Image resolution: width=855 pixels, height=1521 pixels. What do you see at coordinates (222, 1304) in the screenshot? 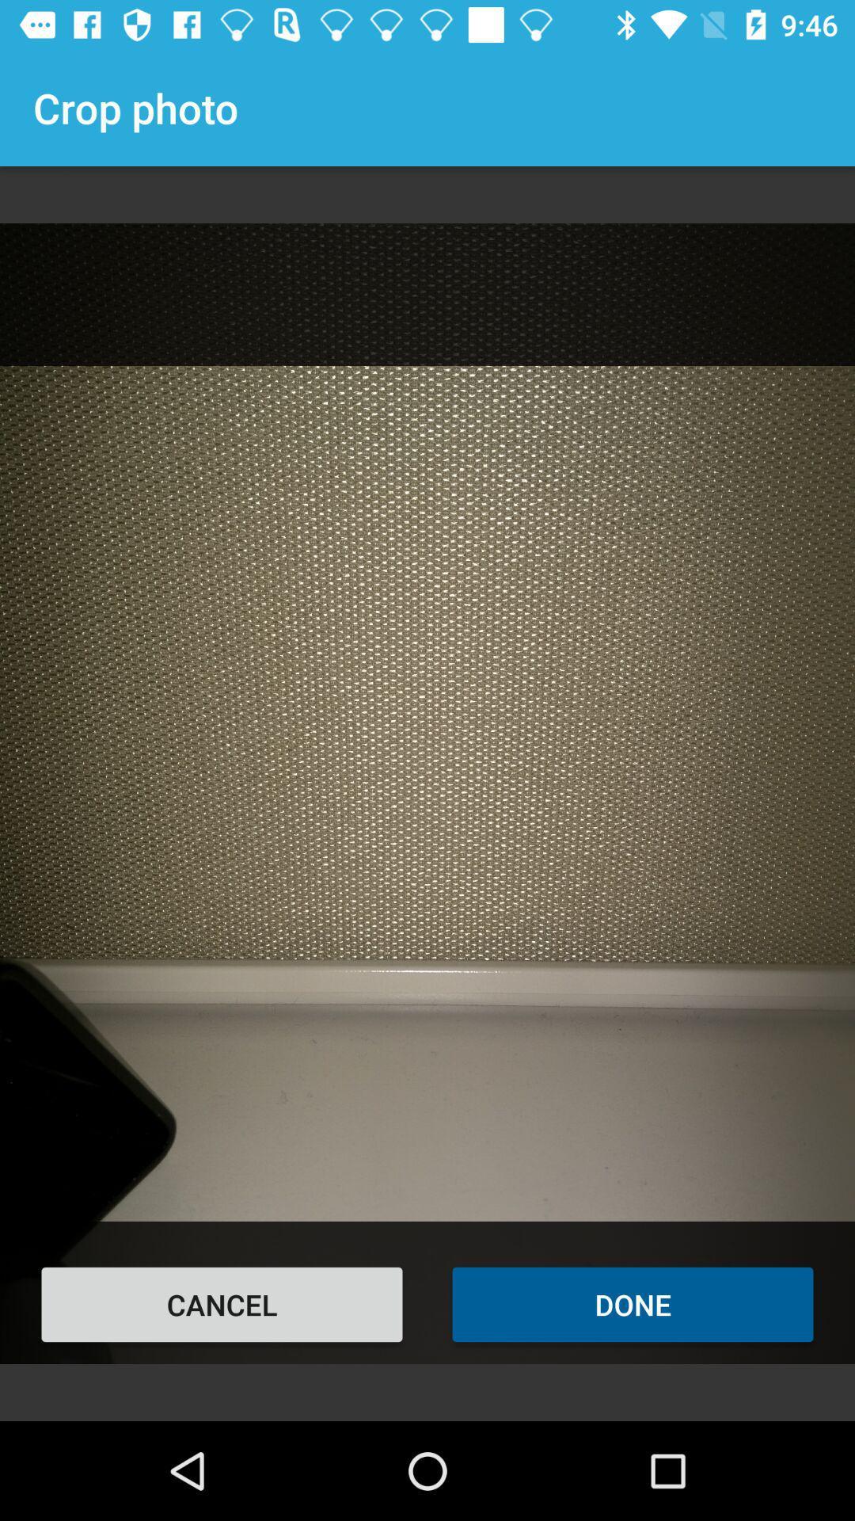
I see `the cancel at the bottom left corner` at bounding box center [222, 1304].